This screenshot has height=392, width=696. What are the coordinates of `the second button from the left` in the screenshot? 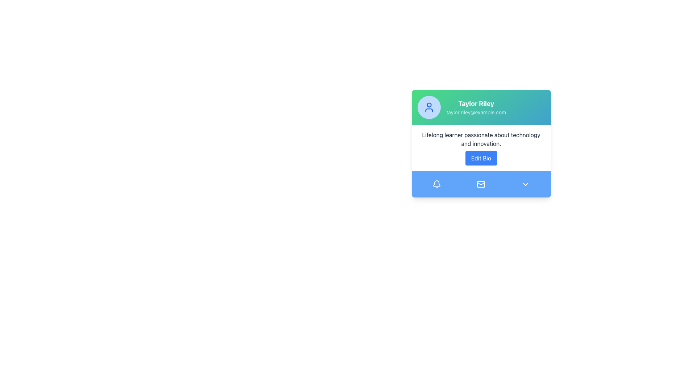 It's located at (481, 184).